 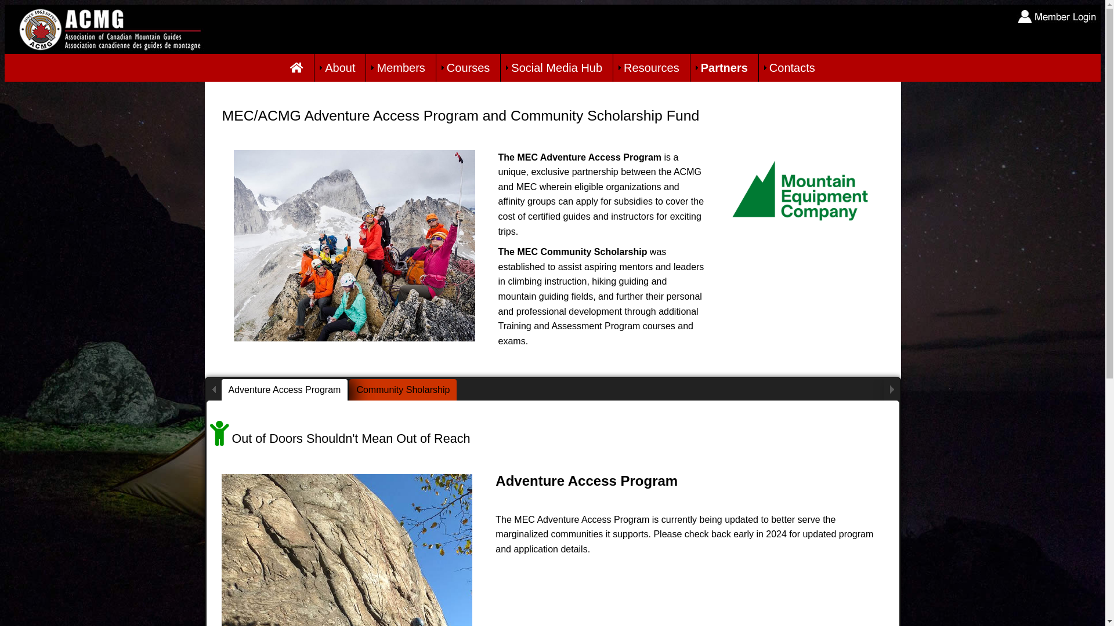 What do you see at coordinates (468, 67) in the screenshot?
I see `'Courses'` at bounding box center [468, 67].